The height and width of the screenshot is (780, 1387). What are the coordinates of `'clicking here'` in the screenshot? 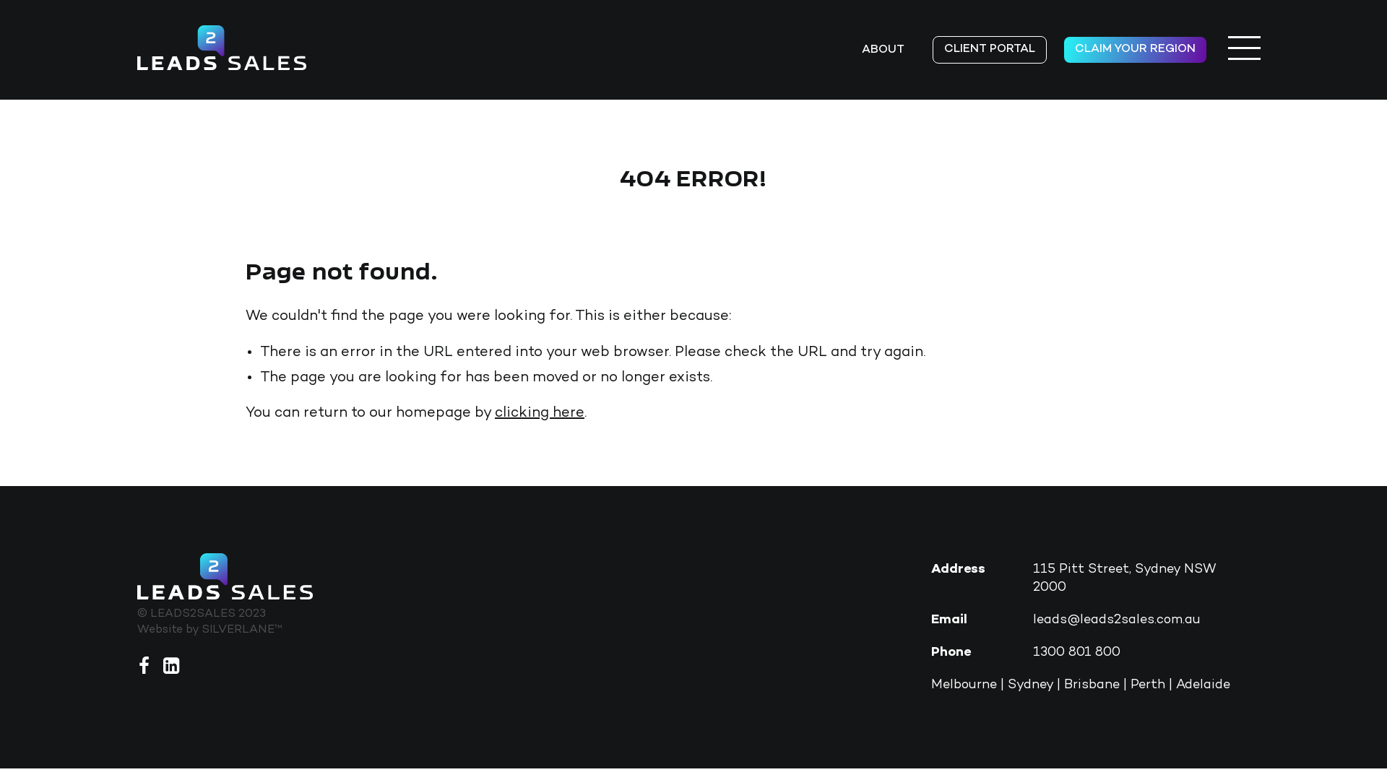 It's located at (539, 413).